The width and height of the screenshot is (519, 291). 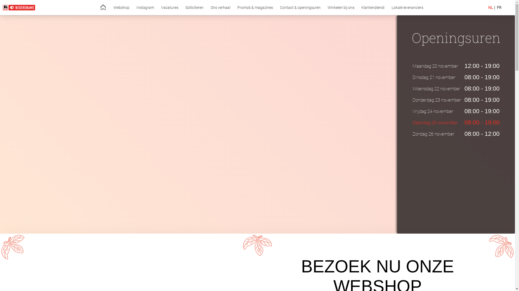 I want to click on 'Contact & openingsuren', so click(x=300, y=7).